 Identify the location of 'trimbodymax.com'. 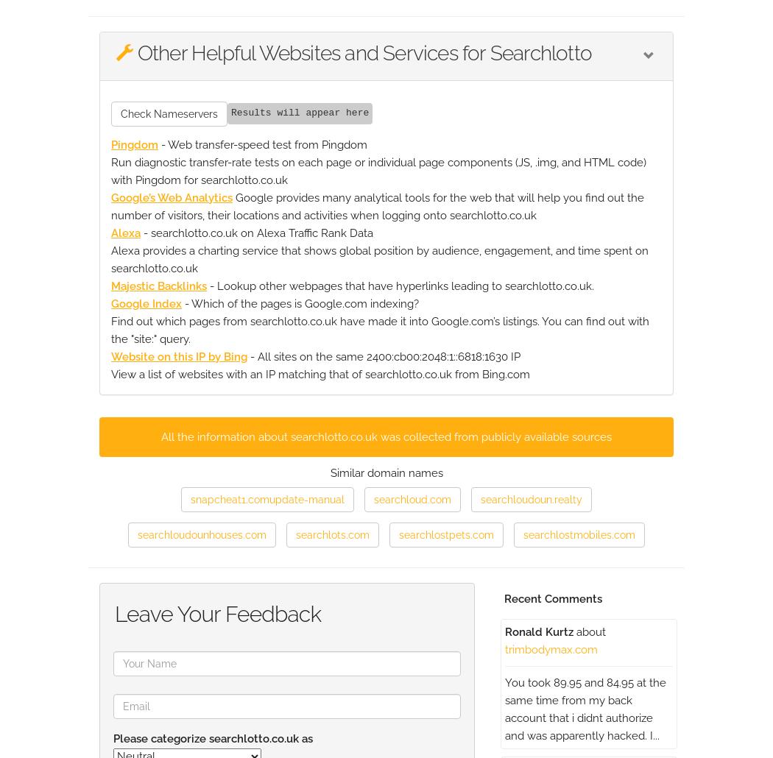
(504, 648).